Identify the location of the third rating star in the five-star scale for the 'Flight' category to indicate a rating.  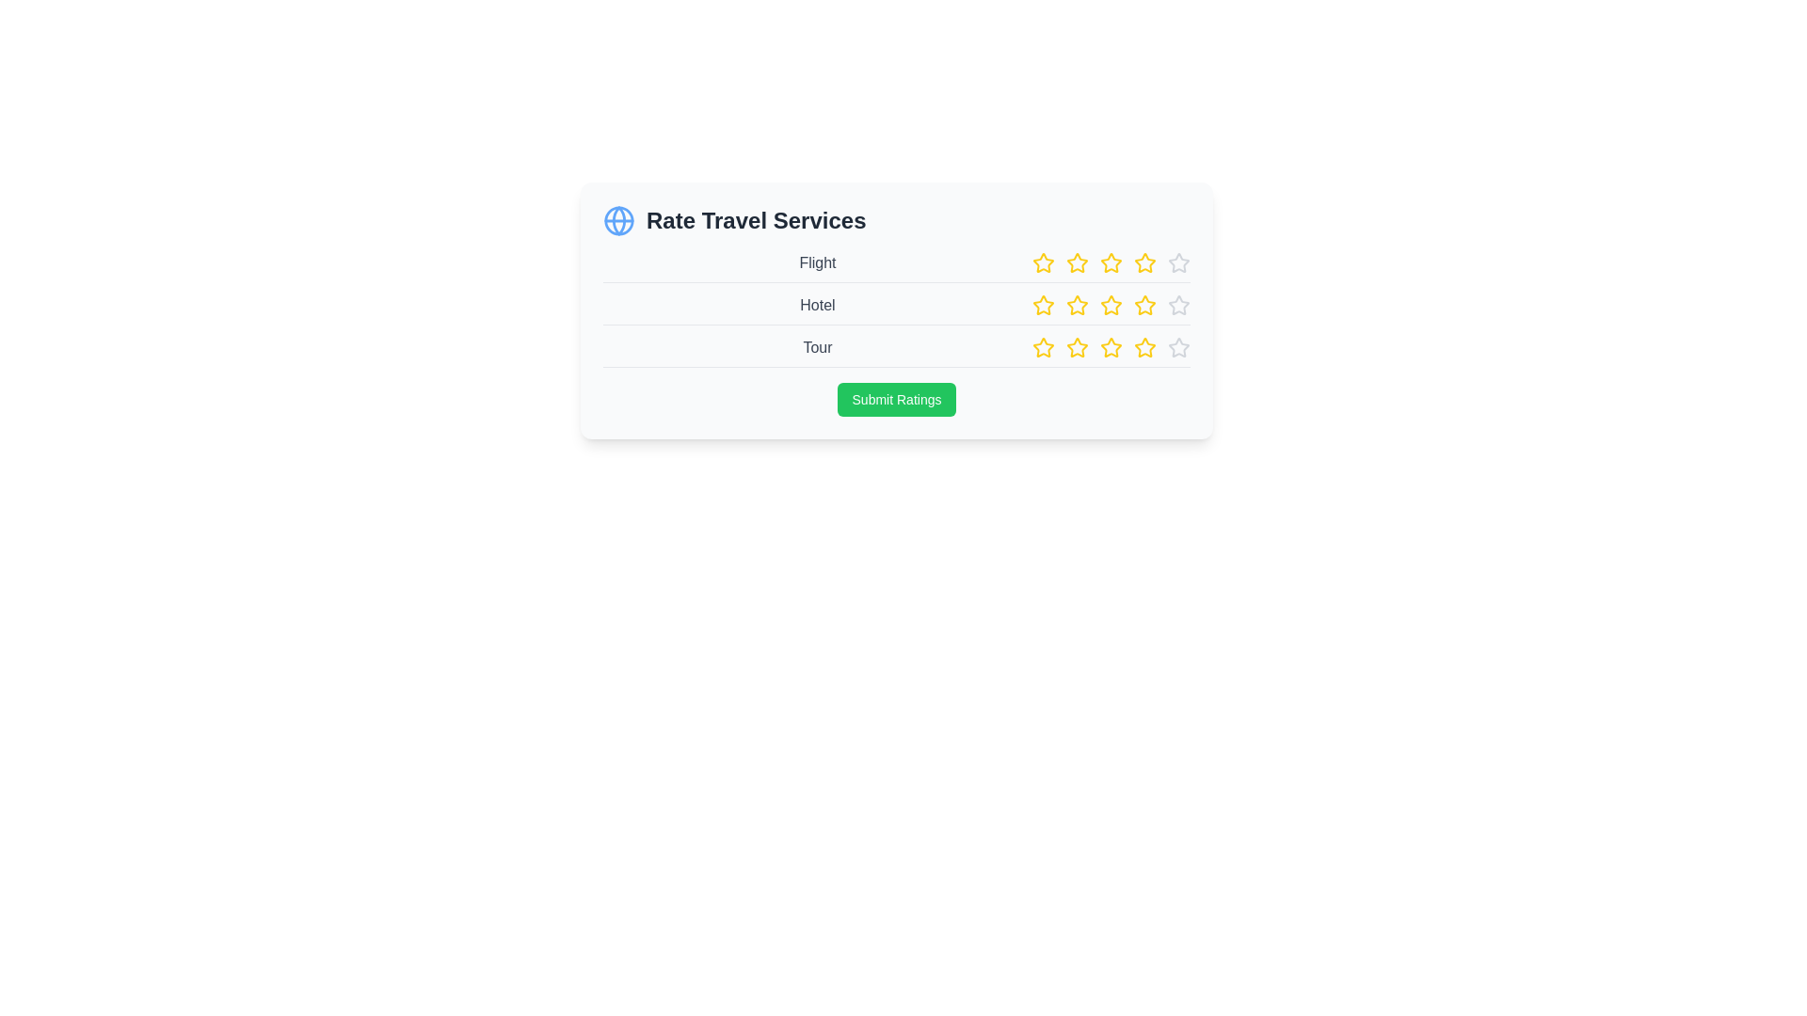
(1111, 263).